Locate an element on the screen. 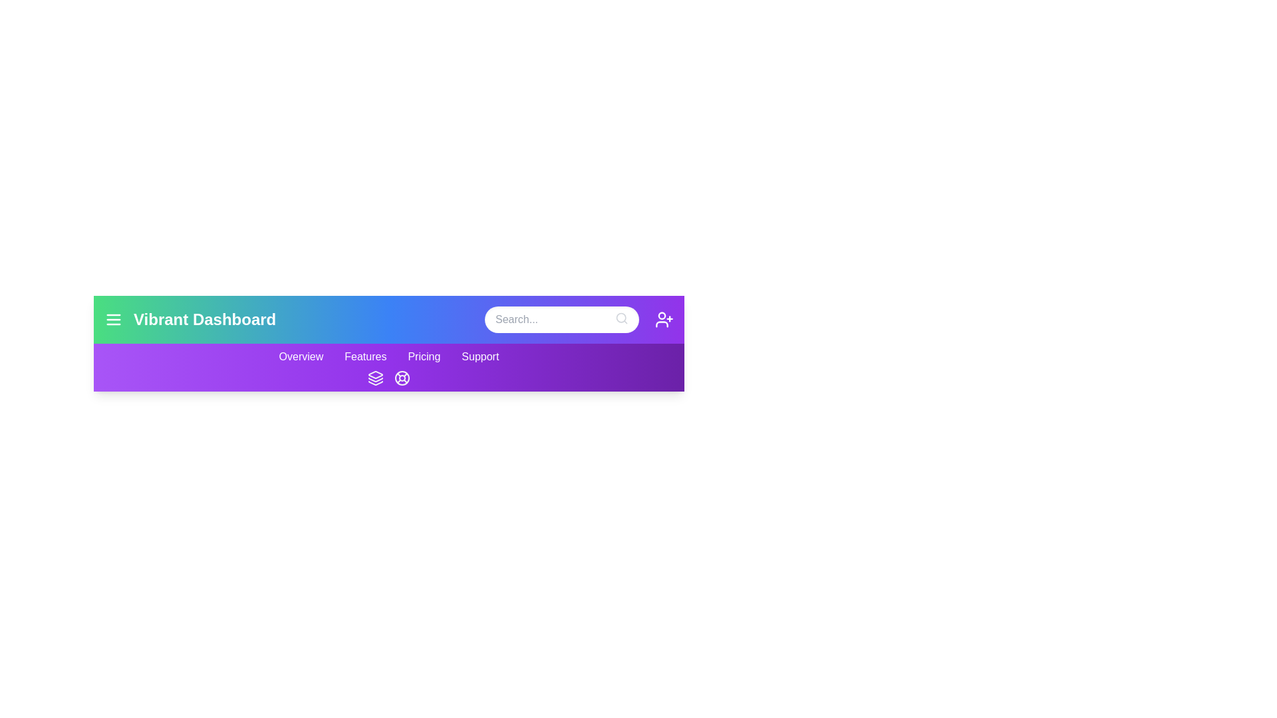 The image size is (1277, 718). the 'Support' link in the navigation bar is located at coordinates (479, 356).